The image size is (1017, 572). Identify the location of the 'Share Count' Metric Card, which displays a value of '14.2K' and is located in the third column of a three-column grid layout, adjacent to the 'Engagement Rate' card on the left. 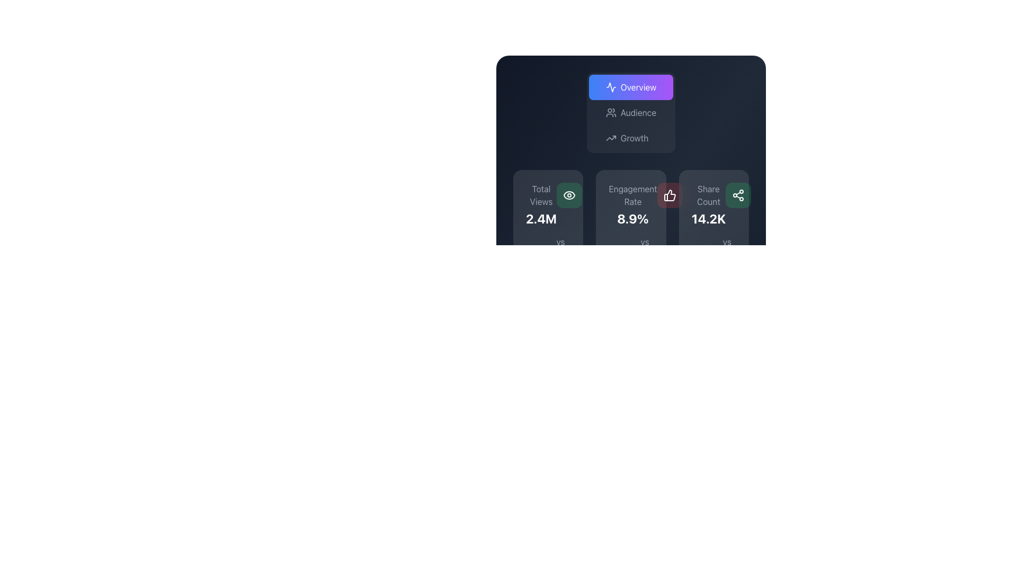
(713, 228).